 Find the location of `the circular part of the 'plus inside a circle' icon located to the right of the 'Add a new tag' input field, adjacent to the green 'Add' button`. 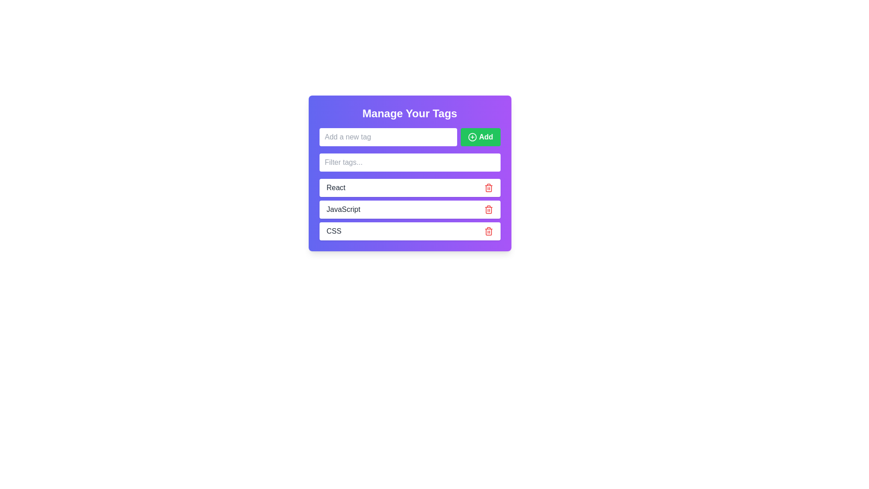

the circular part of the 'plus inside a circle' icon located to the right of the 'Add a new tag' input field, adjacent to the green 'Add' button is located at coordinates (472, 137).